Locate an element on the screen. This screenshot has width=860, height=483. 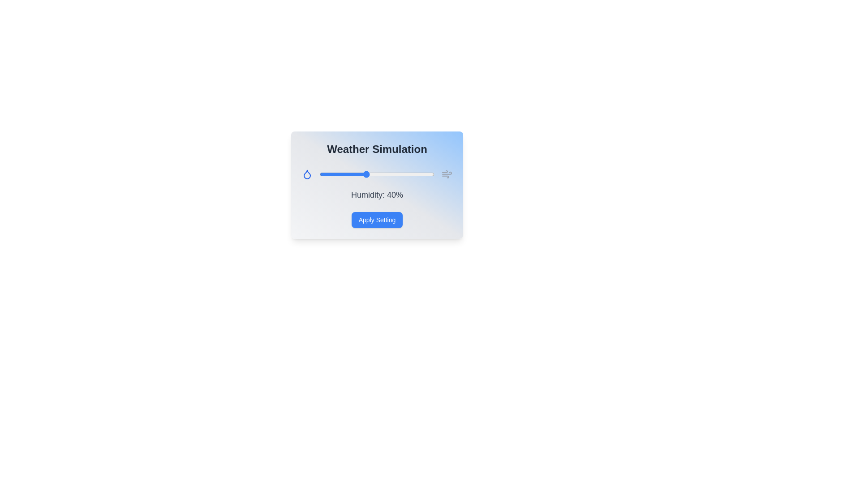
the humidity slider to 3% is located at coordinates (322, 174).